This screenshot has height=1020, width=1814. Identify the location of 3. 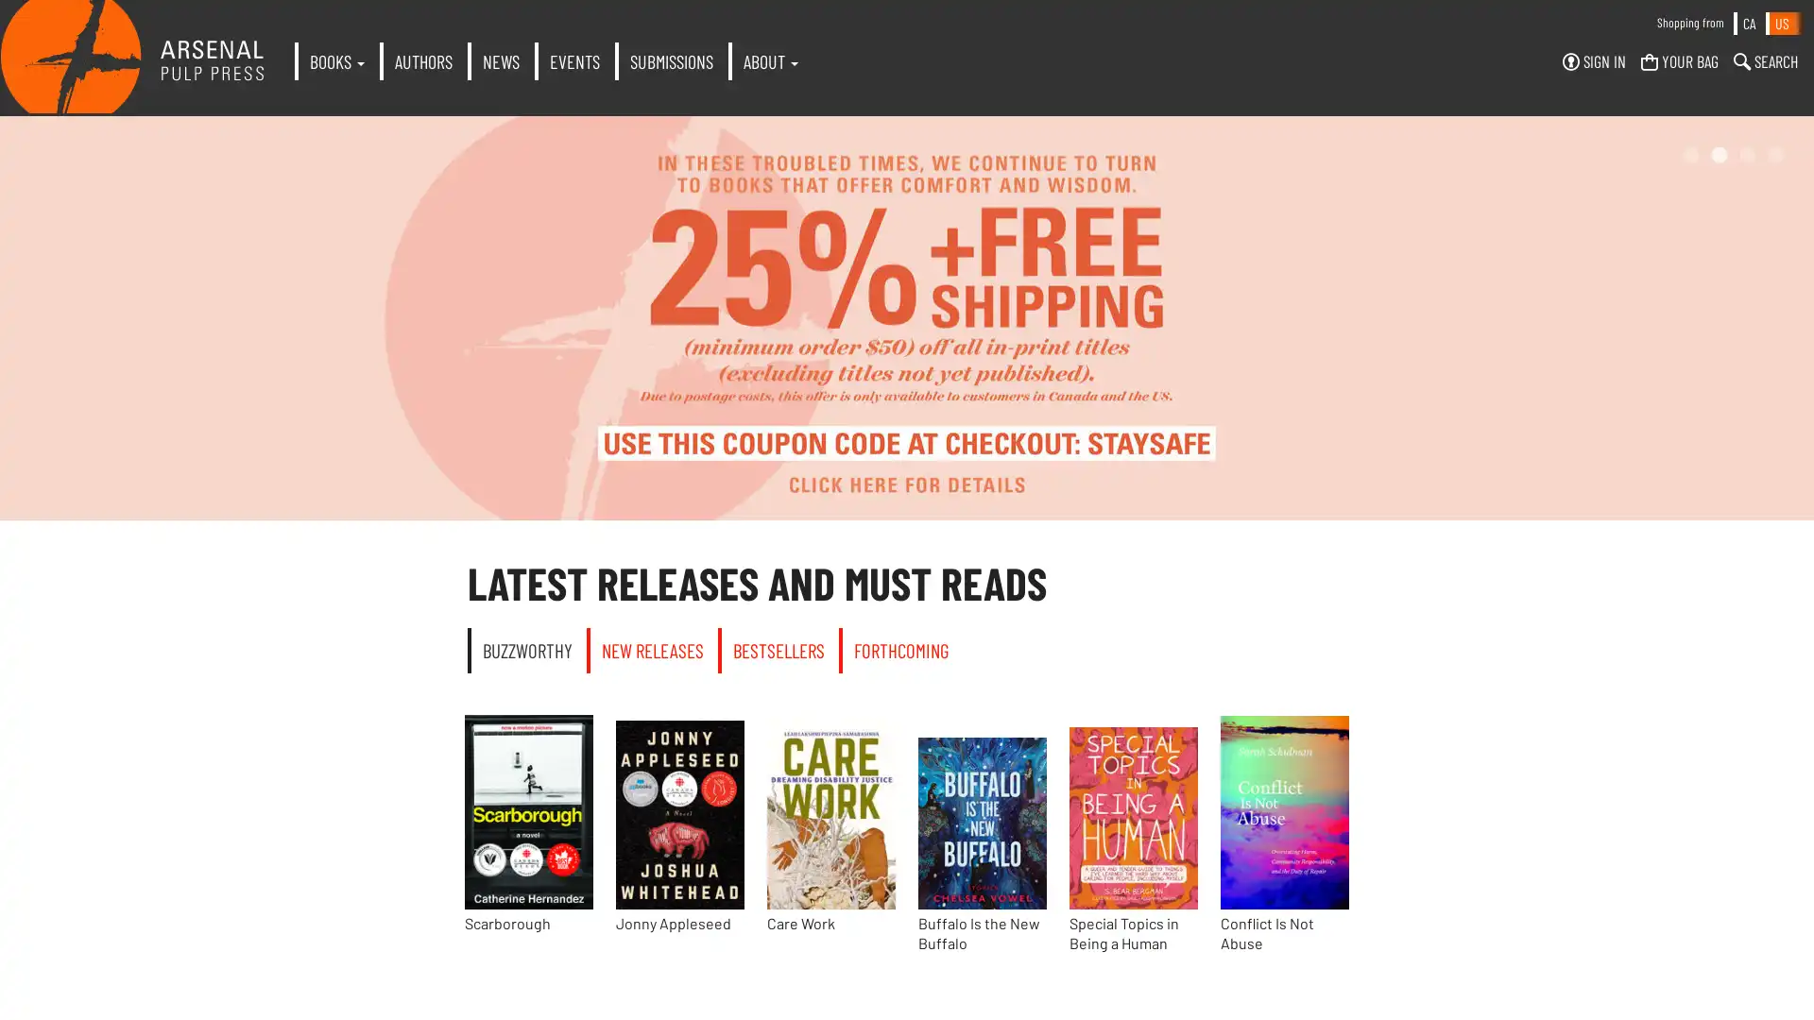
(1746, 155).